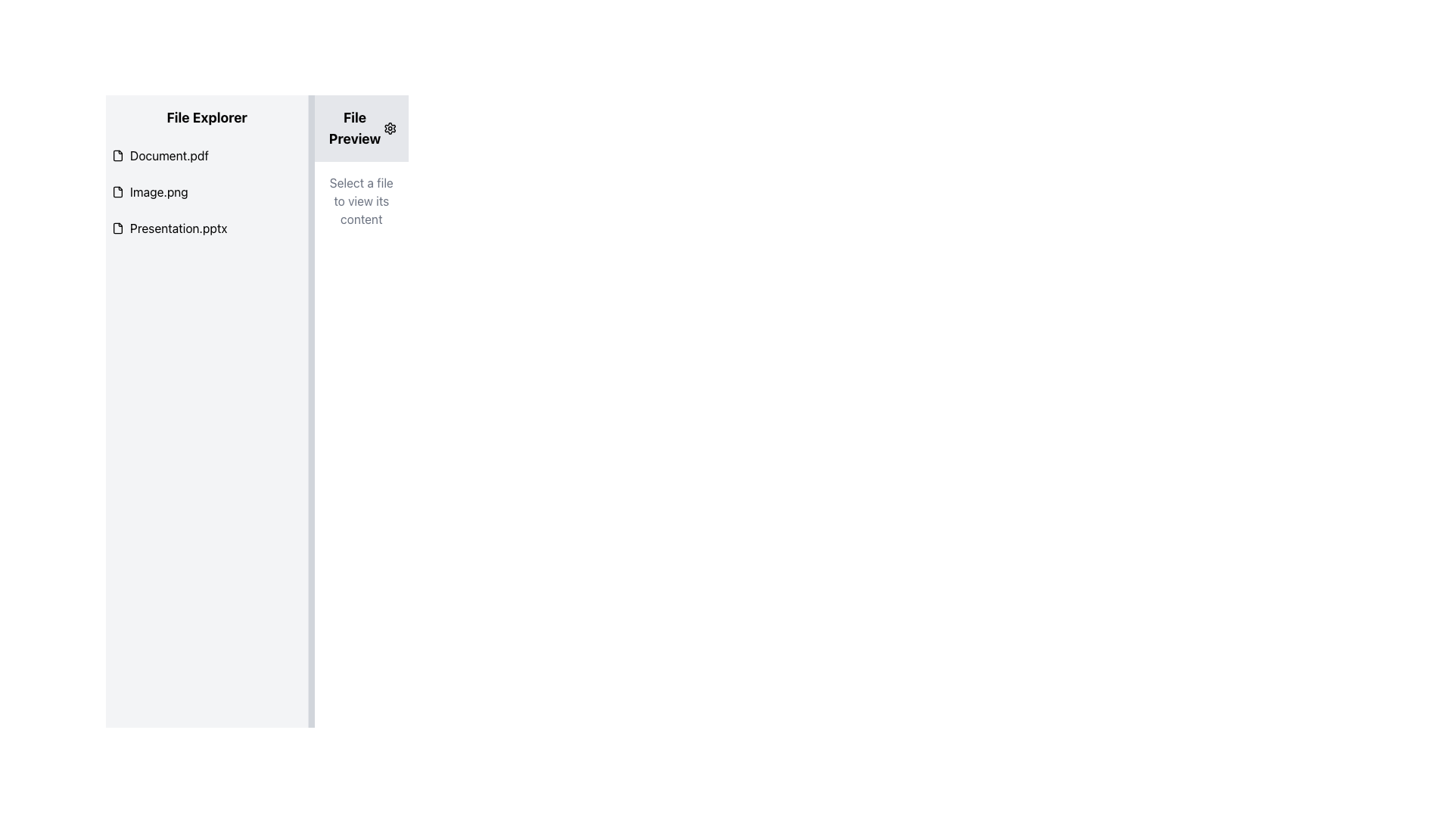 This screenshot has height=817, width=1453. Describe the element at coordinates (390, 127) in the screenshot. I see `gear-like icon indicative of settings or configuration options located near the top right corner of the interface, adjacent to the 'File Preview' header` at that location.